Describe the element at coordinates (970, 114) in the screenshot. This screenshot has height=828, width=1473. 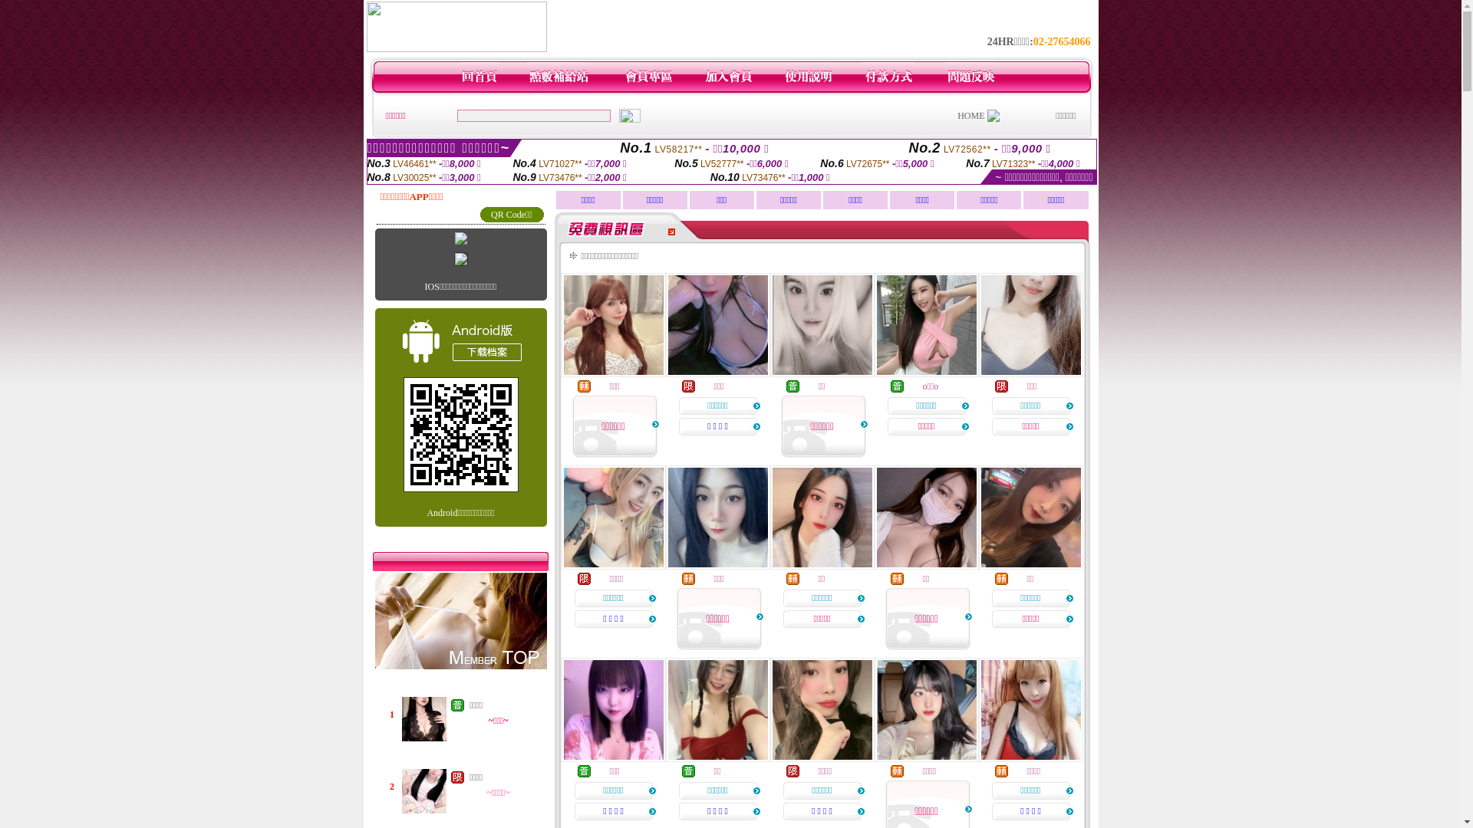
I see `'HOME'` at that location.